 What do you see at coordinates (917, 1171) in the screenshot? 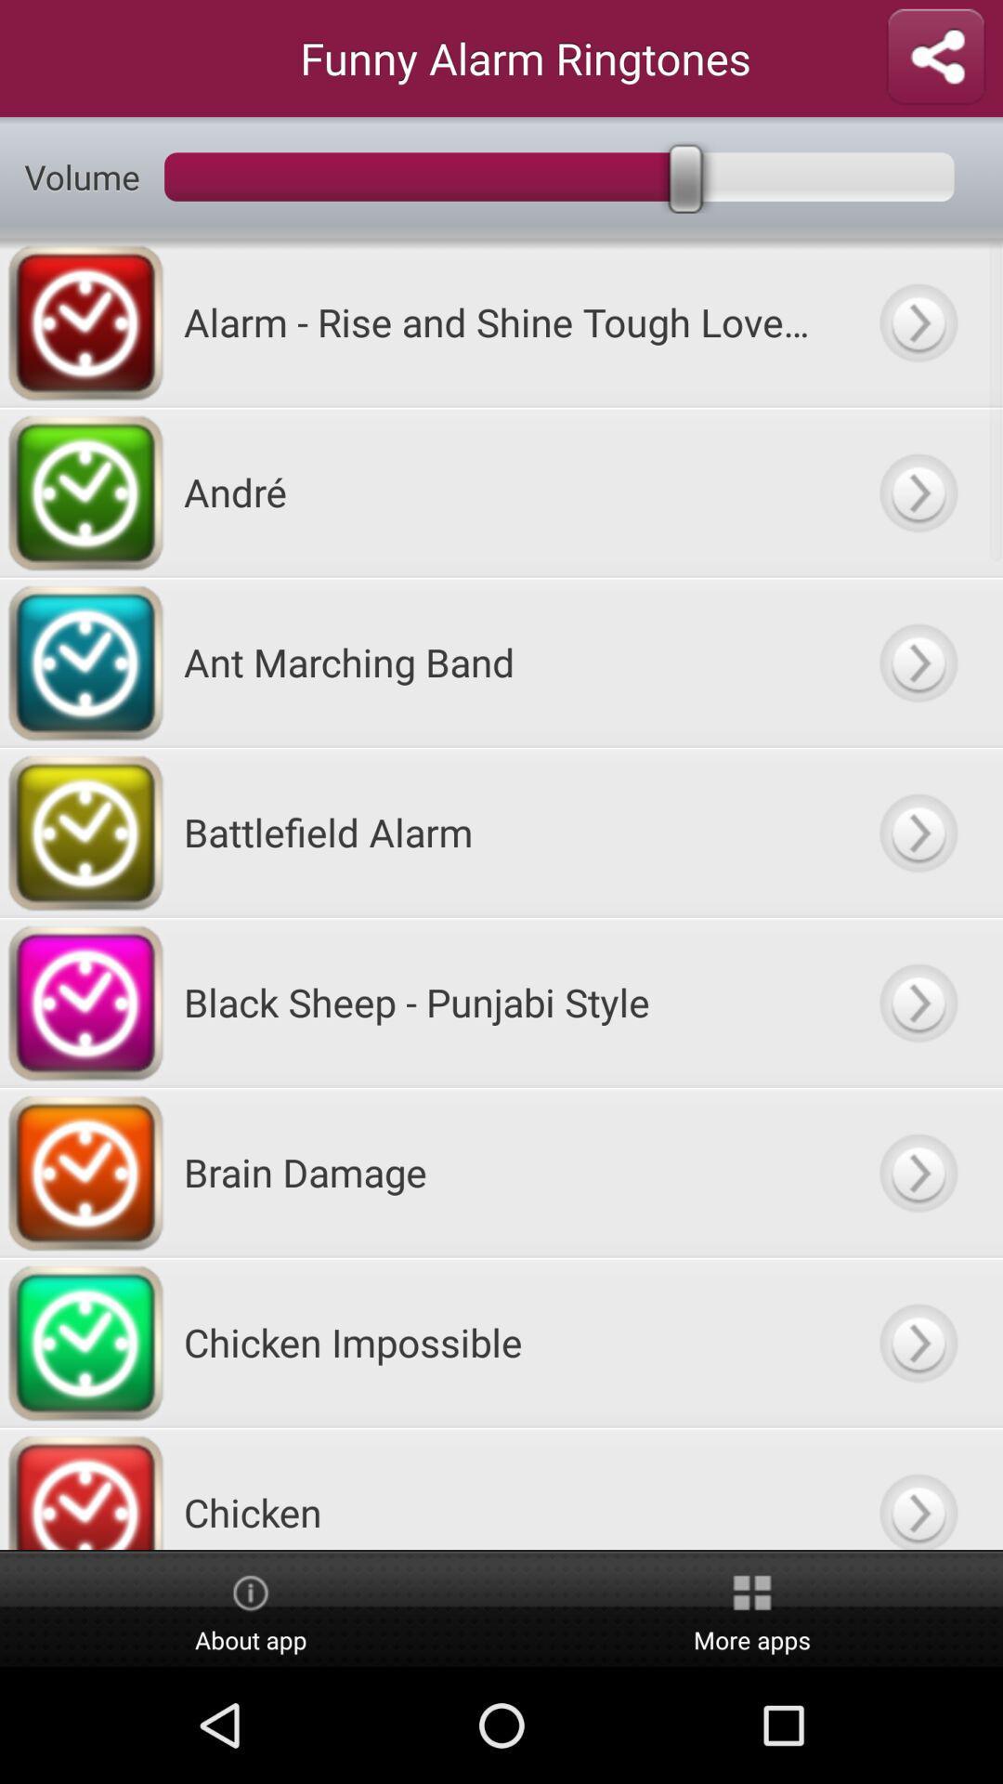
I see `next` at bounding box center [917, 1171].